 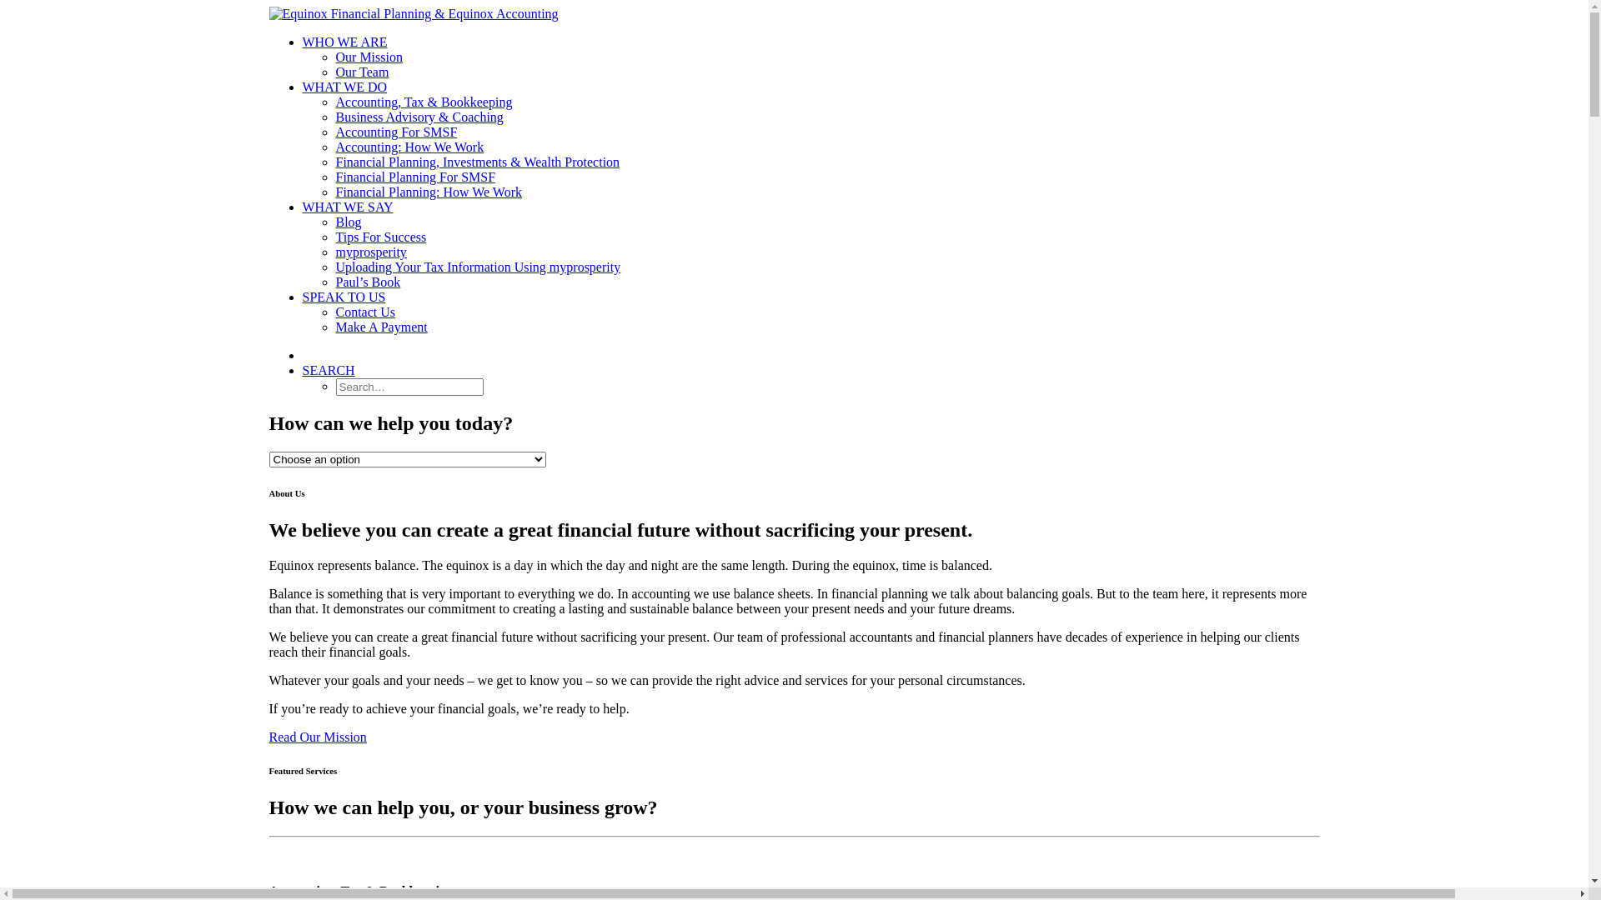 I want to click on 'Accounting: How We Work', so click(x=409, y=146).